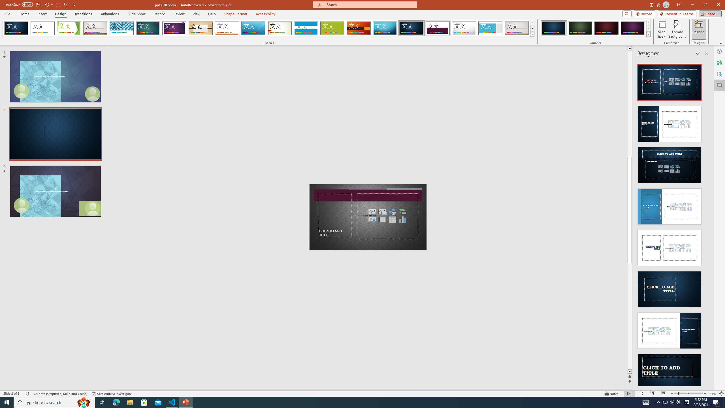  Describe the element at coordinates (517, 28) in the screenshot. I see `'Gallery'` at that location.